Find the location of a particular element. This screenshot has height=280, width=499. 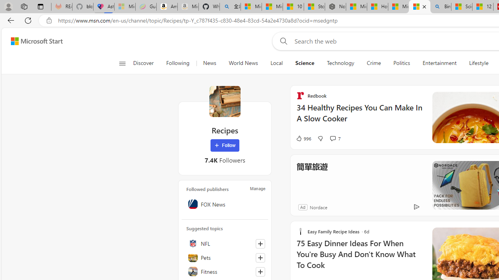

'996 Like' is located at coordinates (303, 138).